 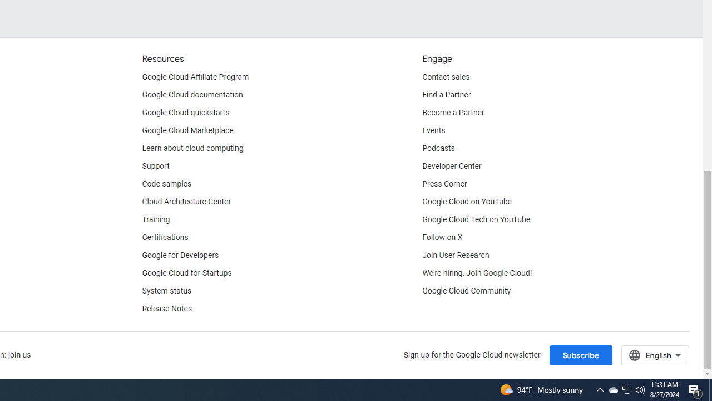 I want to click on 'Find a Partner', so click(x=447, y=95).